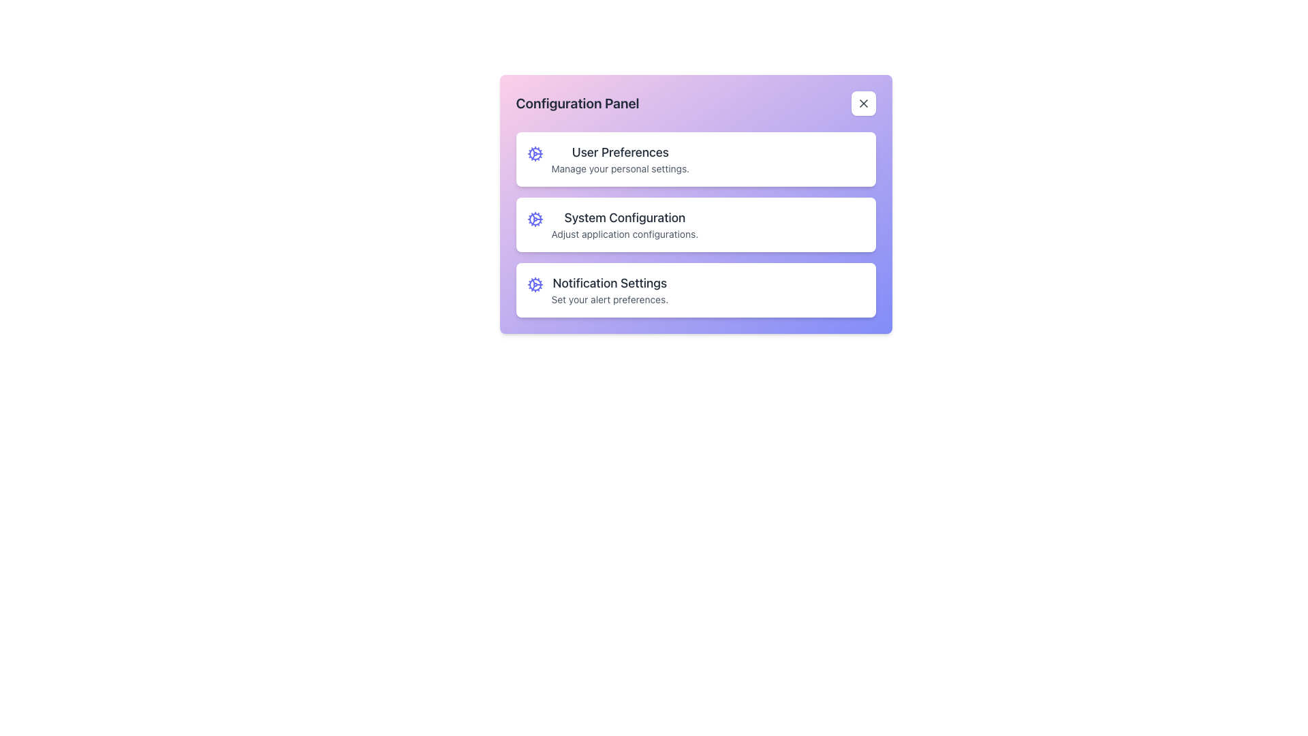 This screenshot has height=736, width=1308. Describe the element at coordinates (609, 283) in the screenshot. I see `the 'Notification Settings' text label, which is rendered in bold, large font and is positioned above the alert preferences description in the Configuration Panel` at that location.